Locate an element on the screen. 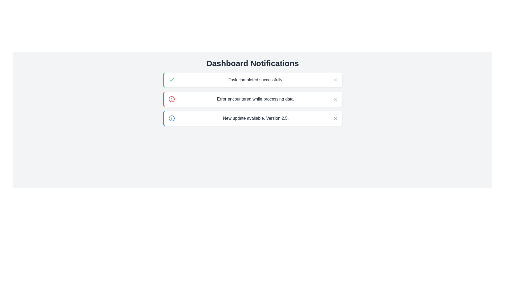  the Close button (X icon) located in the first notification card under 'Dashboard Notifications' to trigger potential visual feedback is located at coordinates (335, 80).